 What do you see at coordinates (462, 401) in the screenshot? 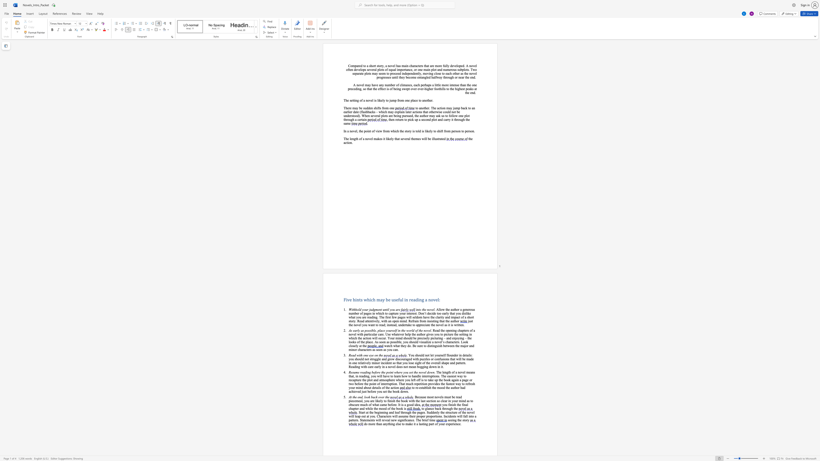
I see `the subset text "nd as to obscure much of what" within the text "Because most novels must be read piecemeal, you are likely to finish the book with the last section so clear in your mind as to obscure much of what came before. It is"` at bounding box center [462, 401].